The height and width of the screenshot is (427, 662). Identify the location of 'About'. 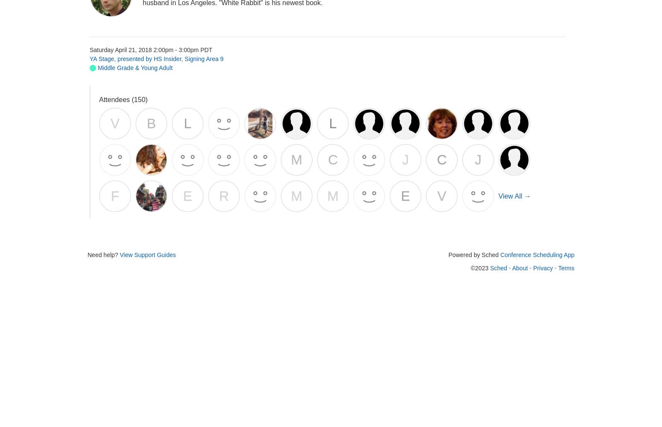
(520, 268).